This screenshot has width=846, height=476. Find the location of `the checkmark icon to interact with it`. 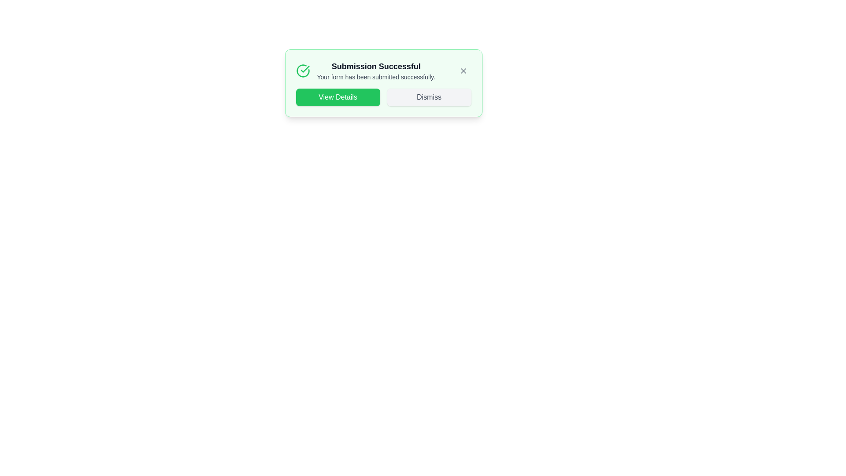

the checkmark icon to interact with it is located at coordinates (303, 71).